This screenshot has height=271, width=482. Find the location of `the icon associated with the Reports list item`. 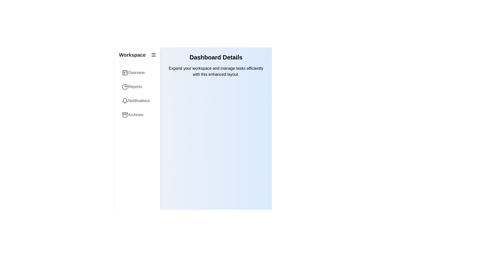

the icon associated with the Reports list item is located at coordinates (125, 87).